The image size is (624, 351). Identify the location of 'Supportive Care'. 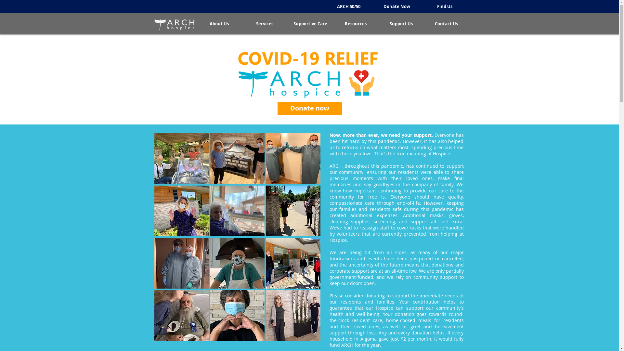
(287, 23).